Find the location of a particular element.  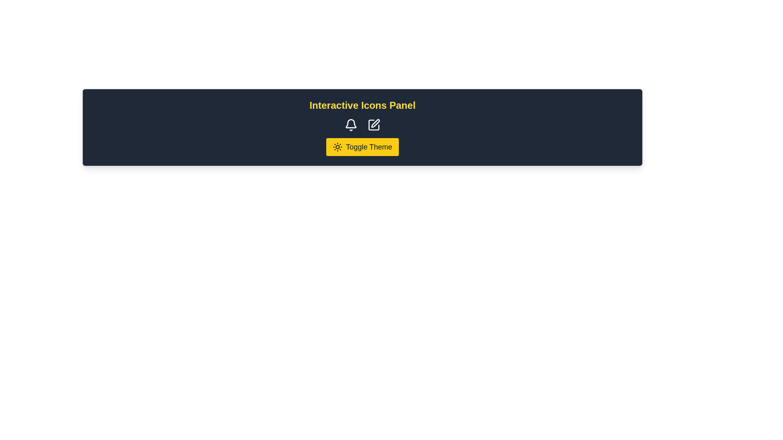

the pen icon button, which symbolizes an edit action, located at the center of a dark rectangular panel and is the second icon from the left is located at coordinates (373, 125).